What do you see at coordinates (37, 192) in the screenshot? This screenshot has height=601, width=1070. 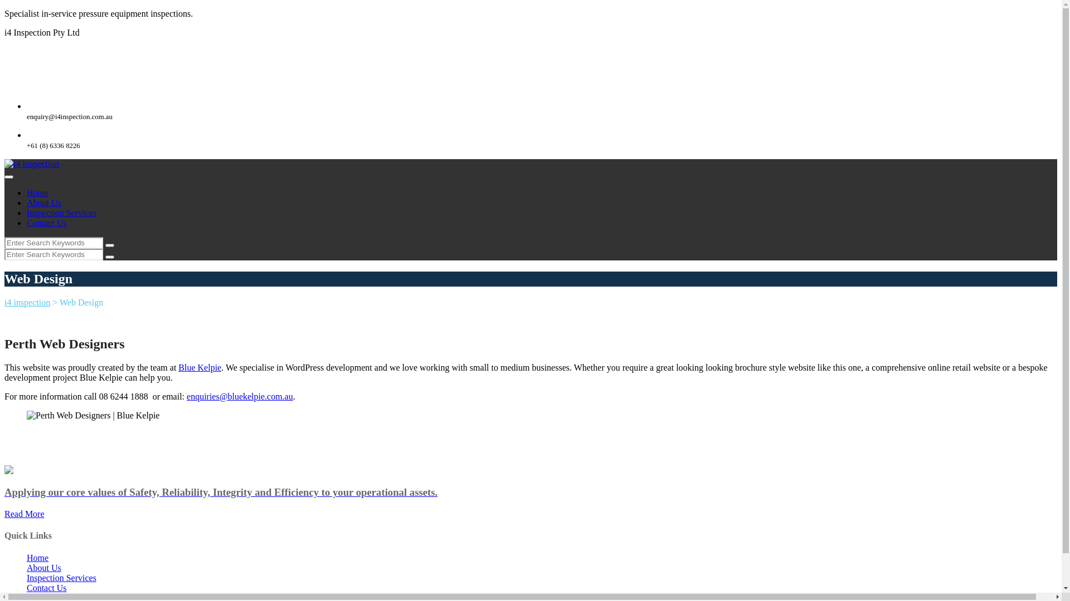 I see `'Home'` at bounding box center [37, 192].